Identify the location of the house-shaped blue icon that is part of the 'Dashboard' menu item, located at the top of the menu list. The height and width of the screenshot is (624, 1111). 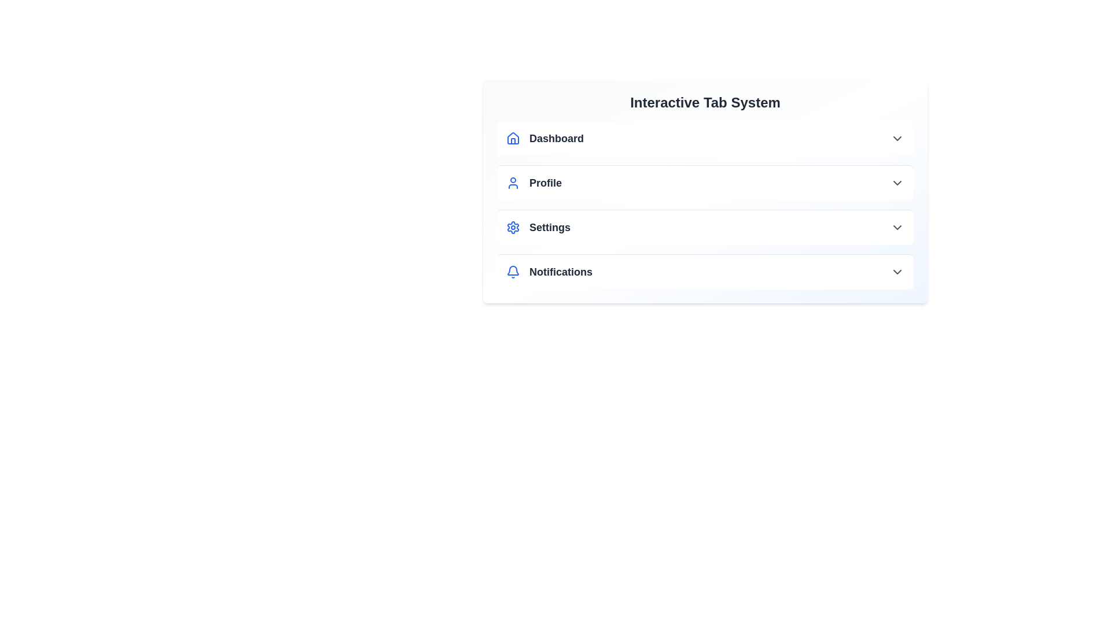
(513, 138).